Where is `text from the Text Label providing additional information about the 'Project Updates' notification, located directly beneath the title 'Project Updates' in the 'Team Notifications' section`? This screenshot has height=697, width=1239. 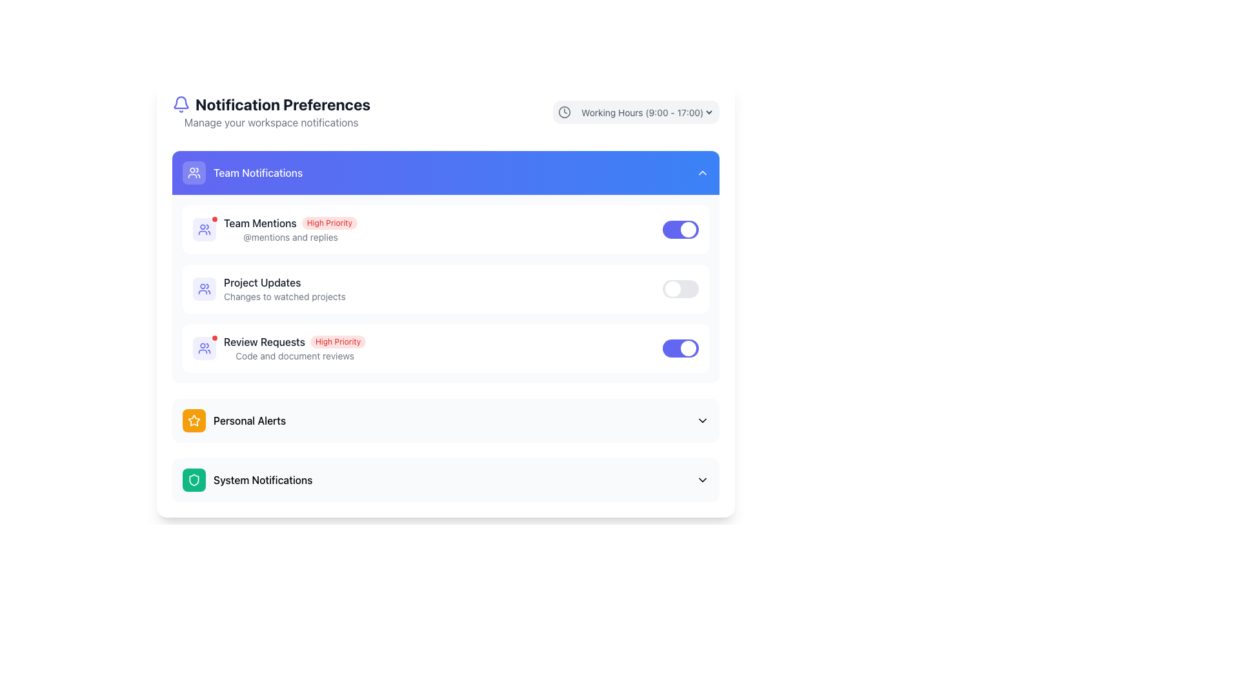 text from the Text Label providing additional information about the 'Project Updates' notification, located directly beneath the title 'Project Updates' in the 'Team Notifications' section is located at coordinates (284, 296).